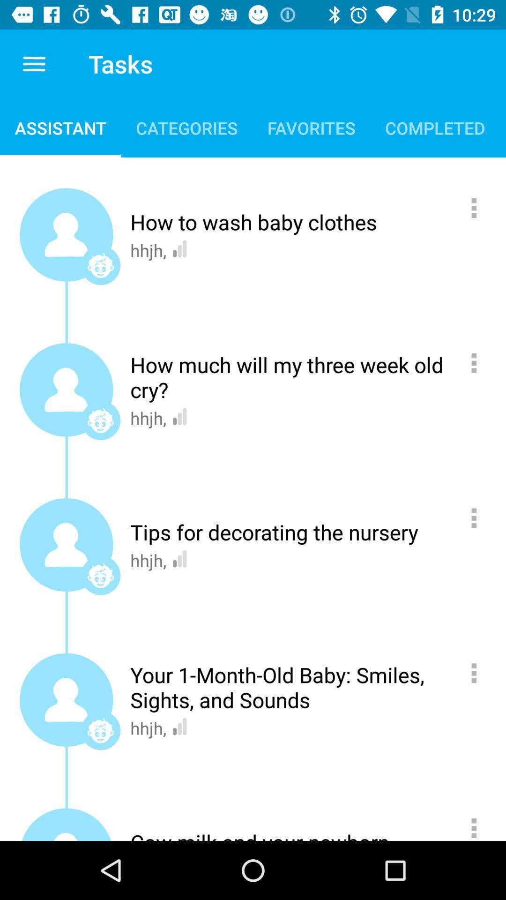  What do you see at coordinates (34, 63) in the screenshot?
I see `icon above assistant item` at bounding box center [34, 63].